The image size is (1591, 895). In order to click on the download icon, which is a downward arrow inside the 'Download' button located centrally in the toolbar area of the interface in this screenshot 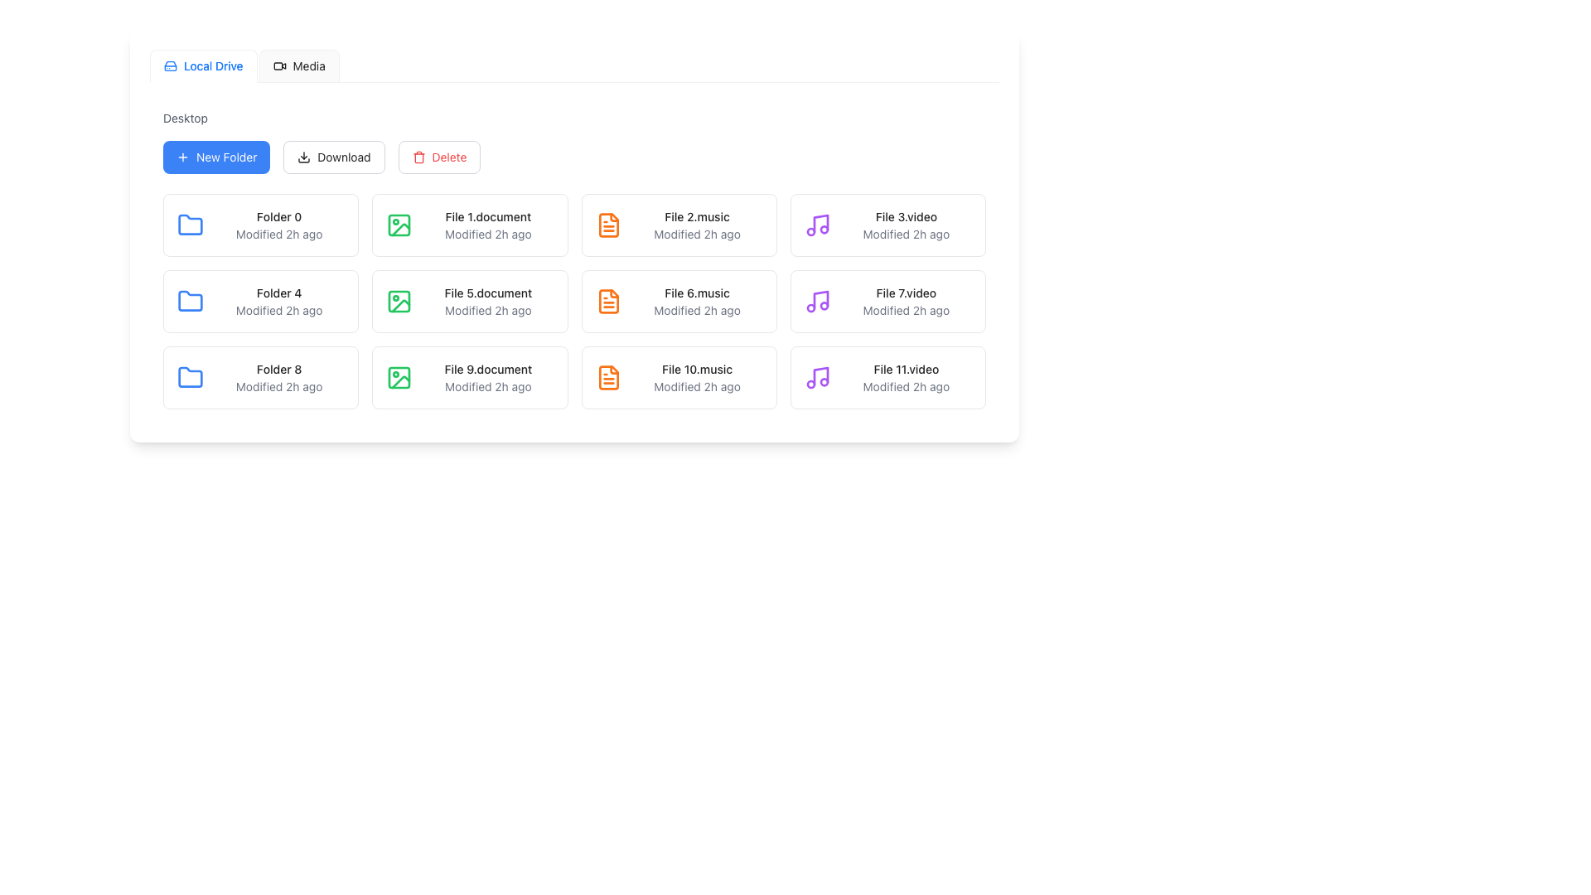, I will do `click(304, 157)`.